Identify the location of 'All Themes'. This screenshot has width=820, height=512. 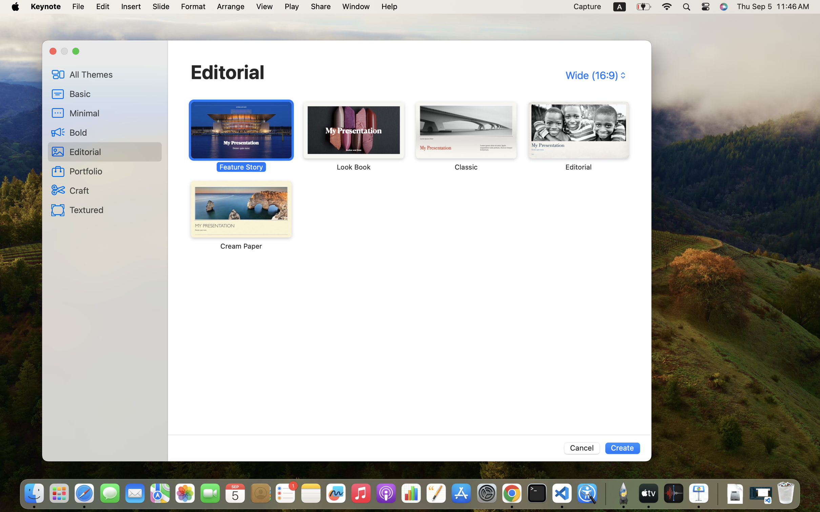
(113, 74).